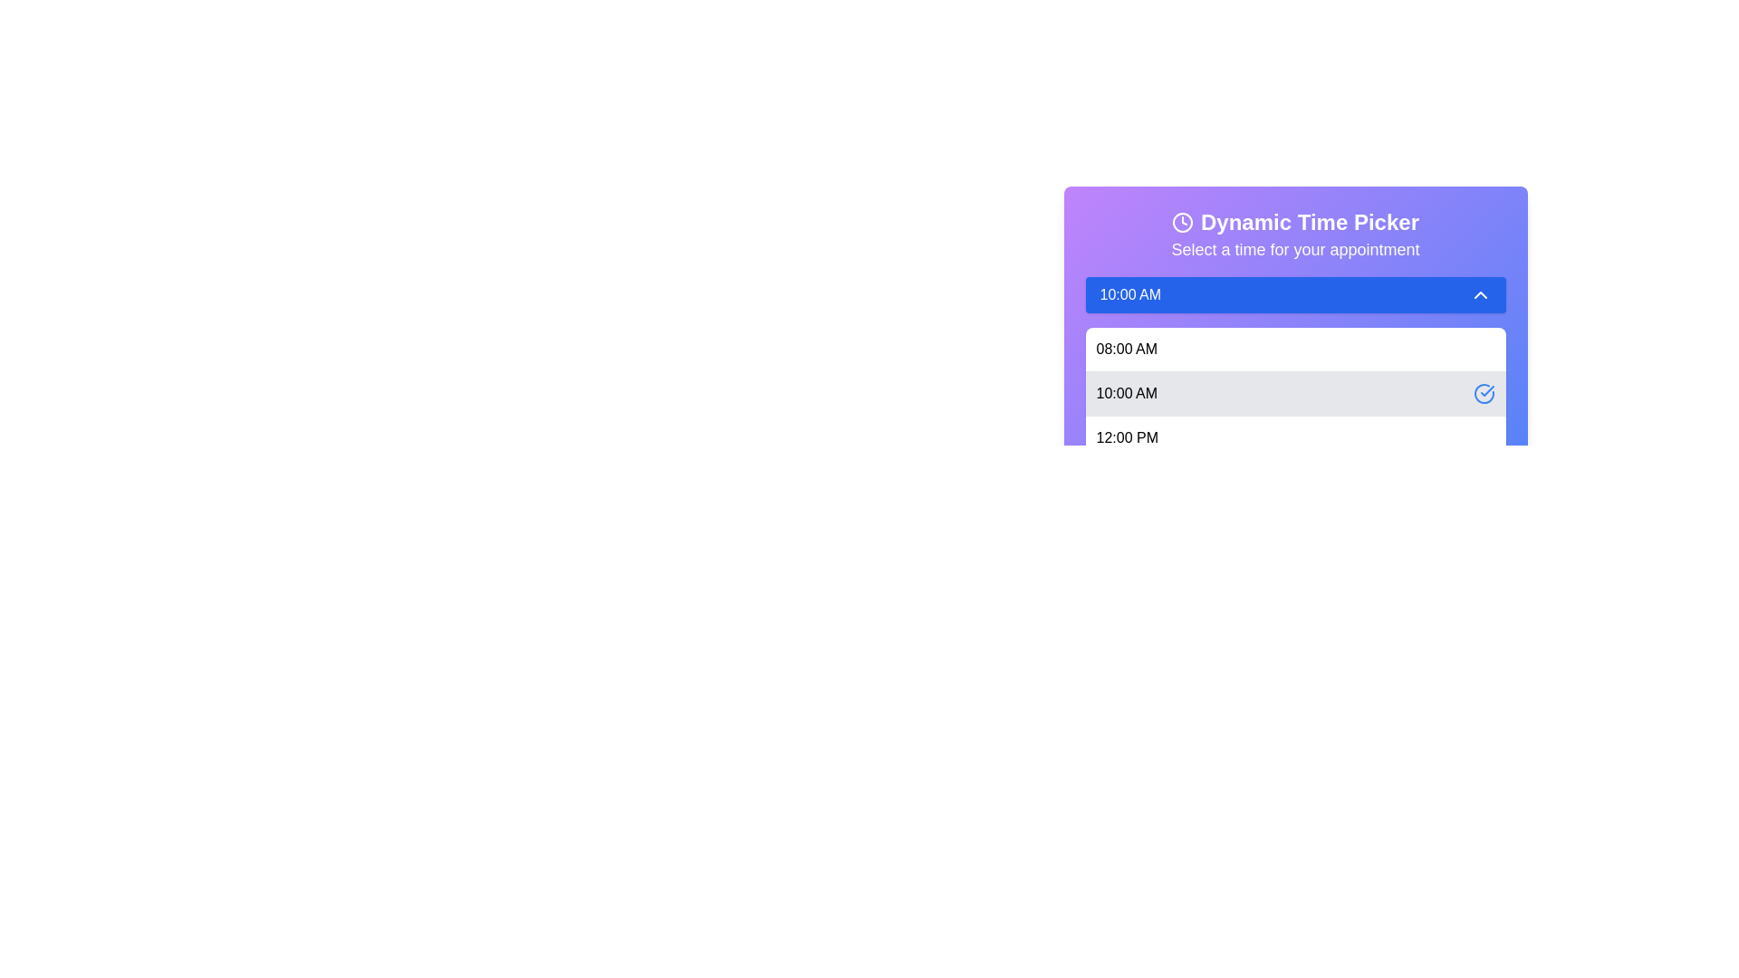  Describe the element at coordinates (1126, 393) in the screenshot. I see `the '10:00 AM' option in the dropdown list` at that location.